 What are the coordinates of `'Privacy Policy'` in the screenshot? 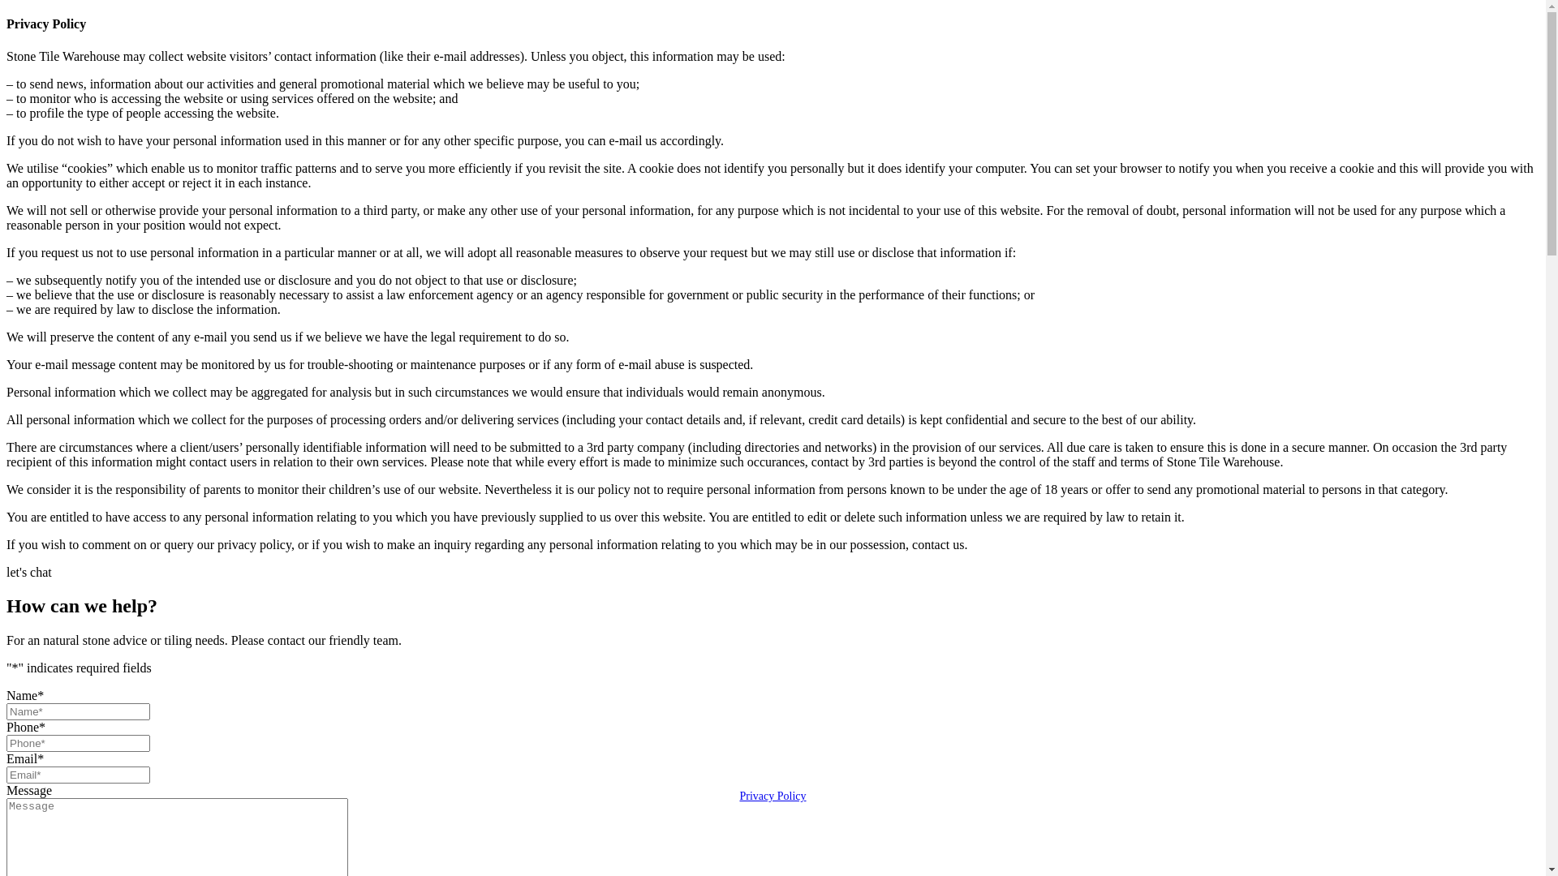 It's located at (771, 795).